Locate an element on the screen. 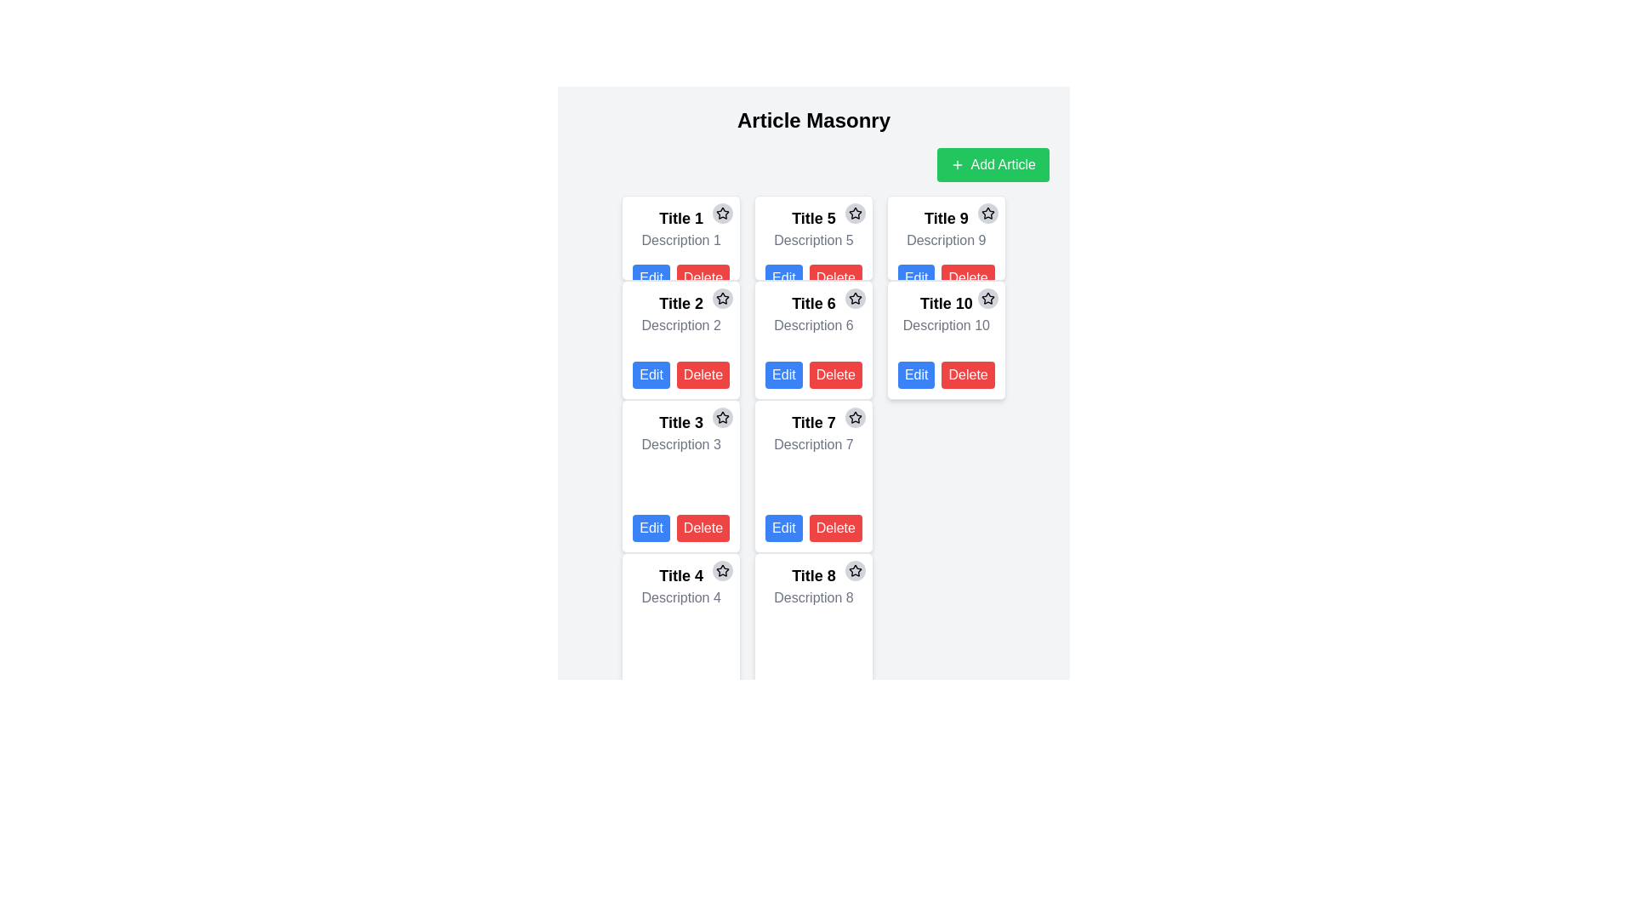 This screenshot has width=1633, height=919. the star icon located at the top-right corner of the card titled 'Title 9', which contains options for editing or deleting content is located at coordinates (945, 238).